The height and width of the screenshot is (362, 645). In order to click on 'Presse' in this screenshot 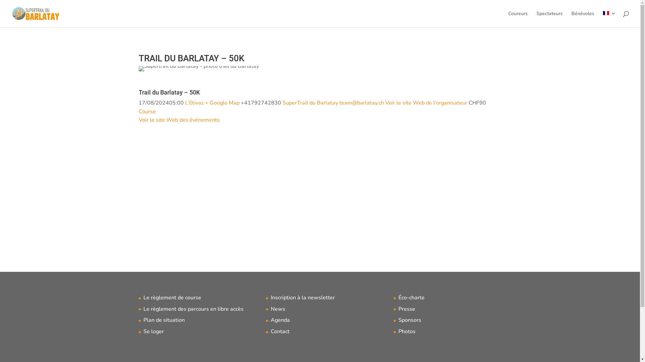, I will do `click(406, 309)`.